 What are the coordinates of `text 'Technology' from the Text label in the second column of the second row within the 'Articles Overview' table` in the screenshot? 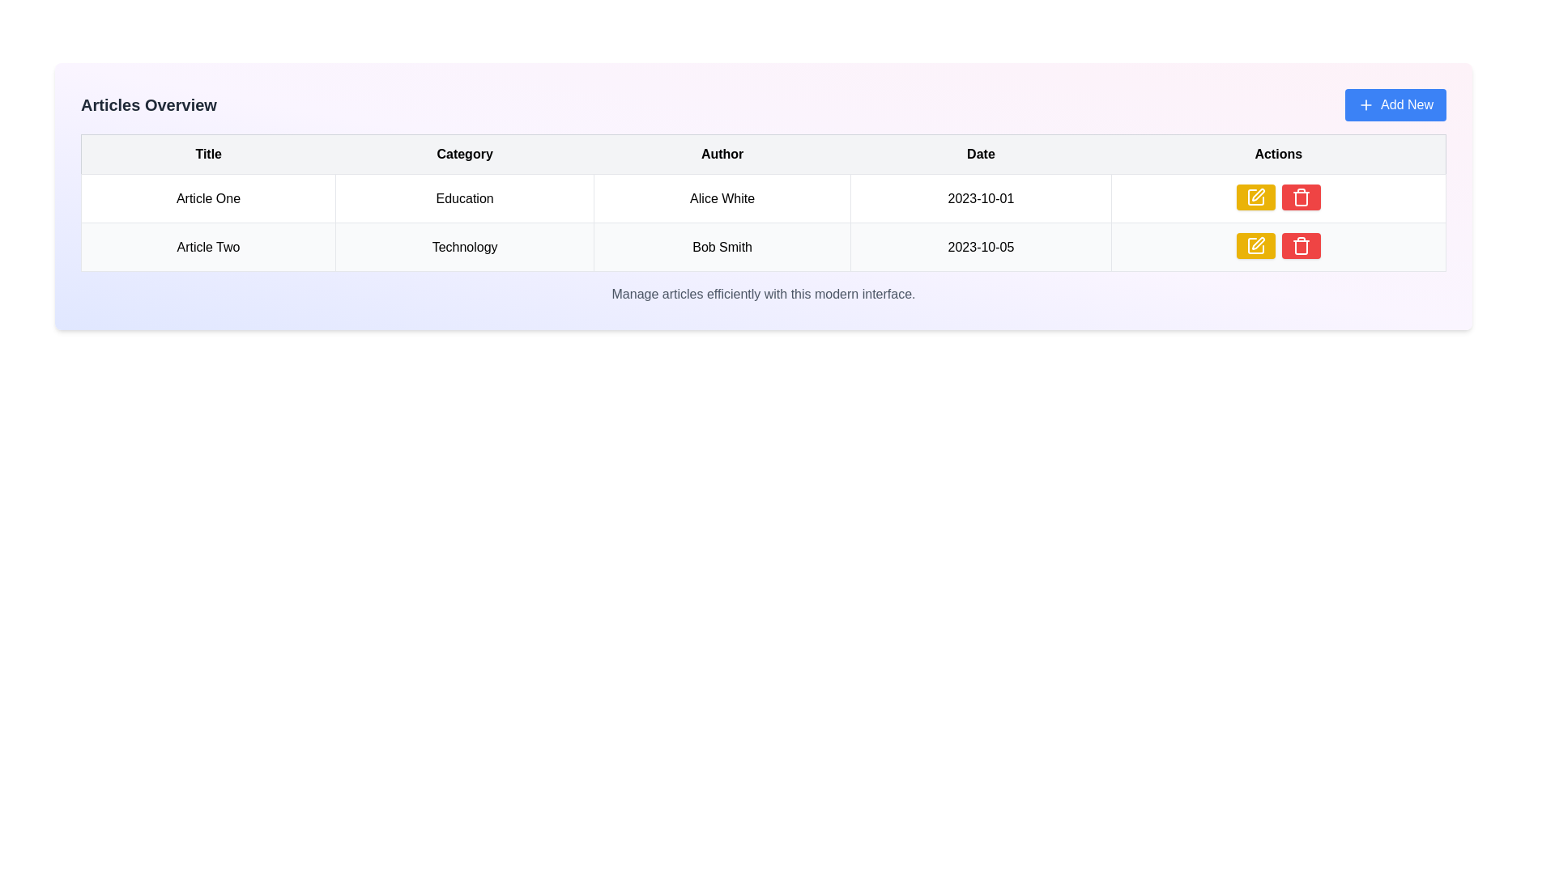 It's located at (464, 247).